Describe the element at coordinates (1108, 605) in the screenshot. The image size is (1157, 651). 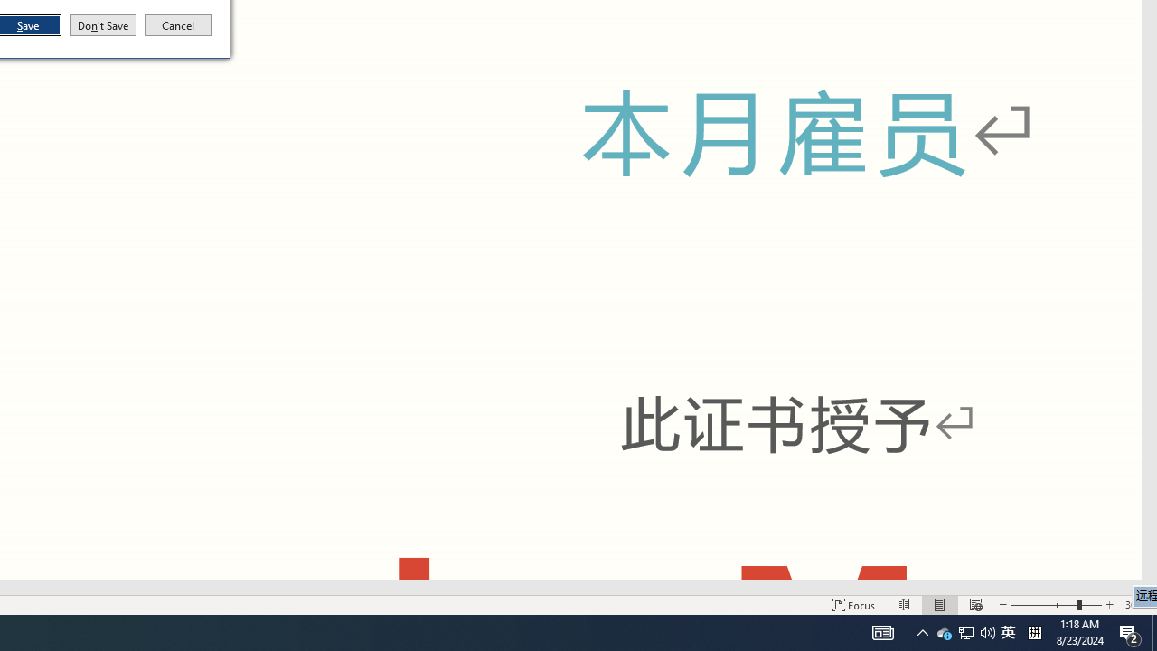
I see `'Zoom In'` at that location.